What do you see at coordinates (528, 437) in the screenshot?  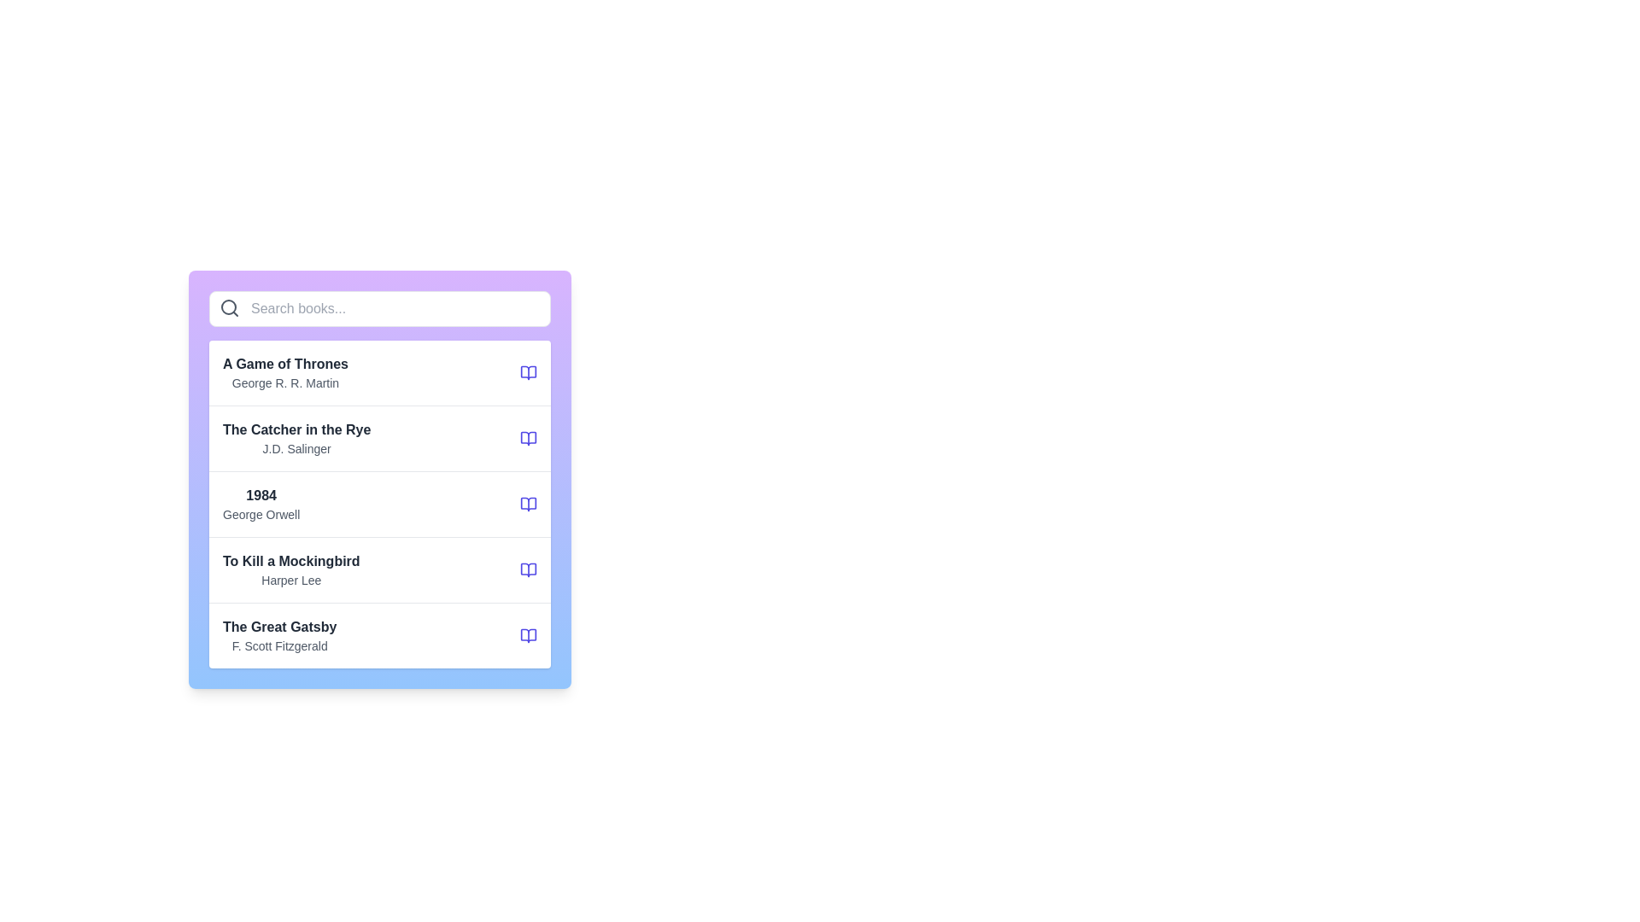 I see `the decorative action-related icon associated with the book titled 'The Catcher in the Rye' in the vertical list` at bounding box center [528, 437].